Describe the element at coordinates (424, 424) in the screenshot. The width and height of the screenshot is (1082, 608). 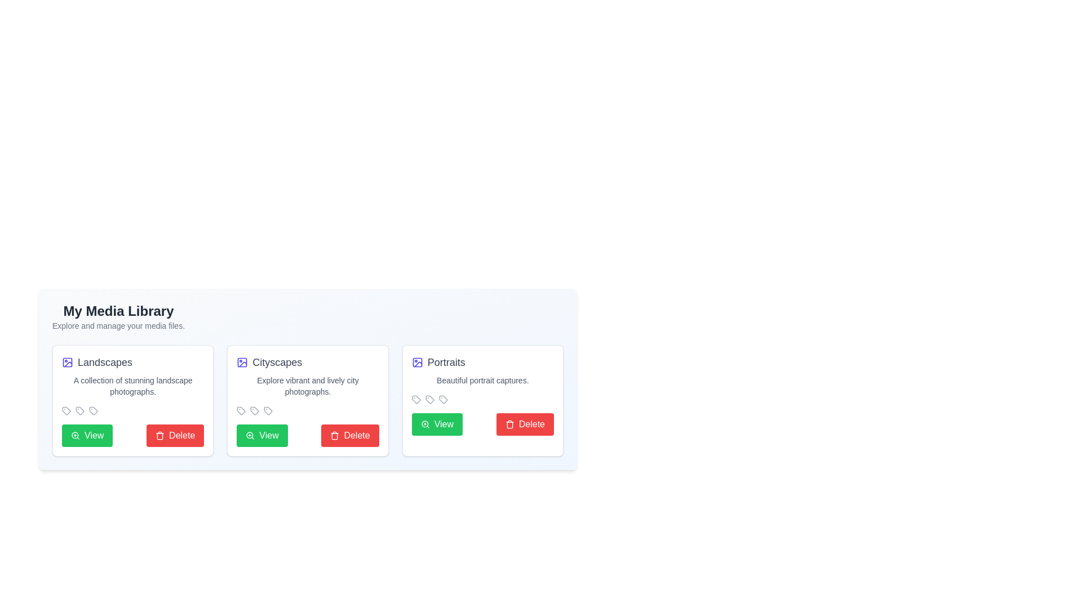
I see `the circular magnifying glass icon with a plus sign in its center, located inside the 'View' button in the third panel labeled 'Portraits'` at that location.